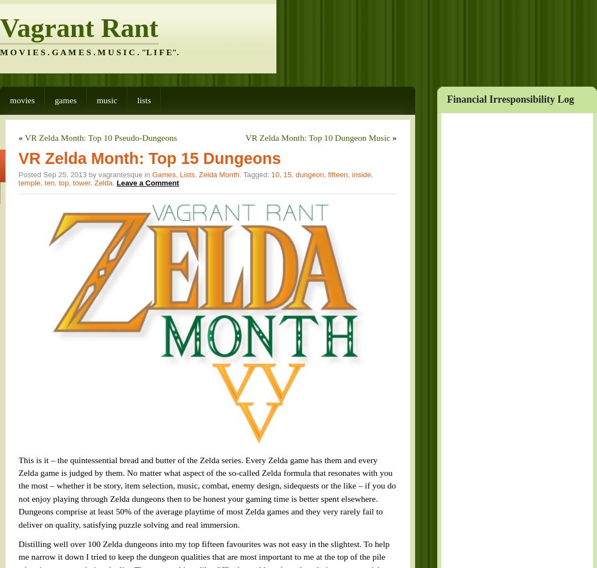 The image size is (597, 568). Describe the element at coordinates (78, 151) in the screenshot. I see `'Zelda'` at that location.